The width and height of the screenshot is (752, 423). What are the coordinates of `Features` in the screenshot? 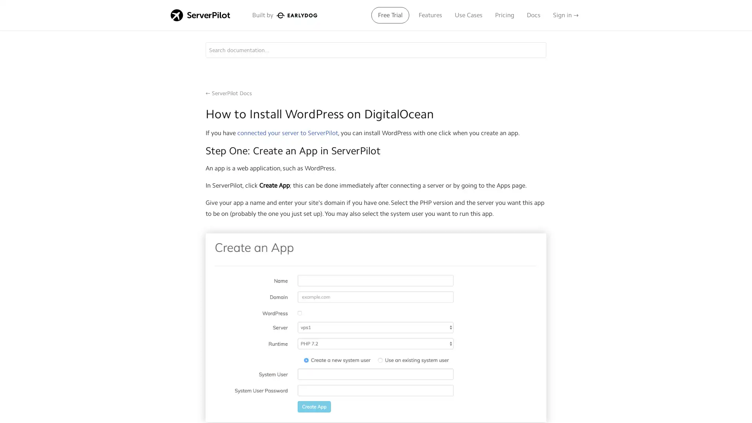 It's located at (430, 15).